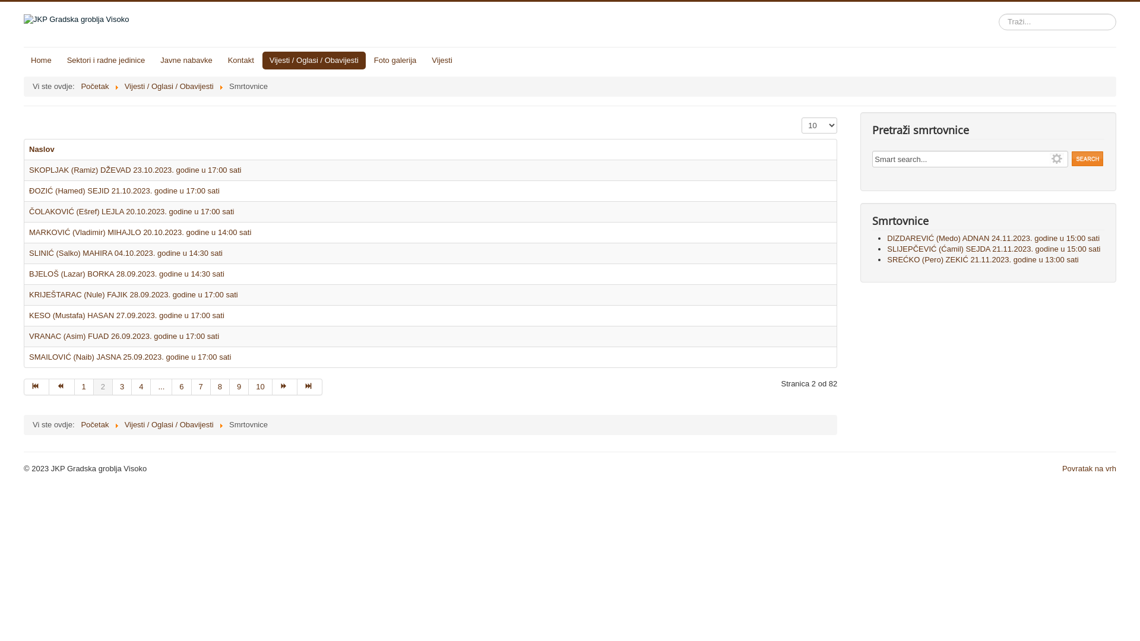 The width and height of the screenshot is (1140, 641). What do you see at coordinates (124, 336) in the screenshot?
I see `'VRANAC (Asim) FUAD 26.09.2023. godine u 17:00 sati'` at bounding box center [124, 336].